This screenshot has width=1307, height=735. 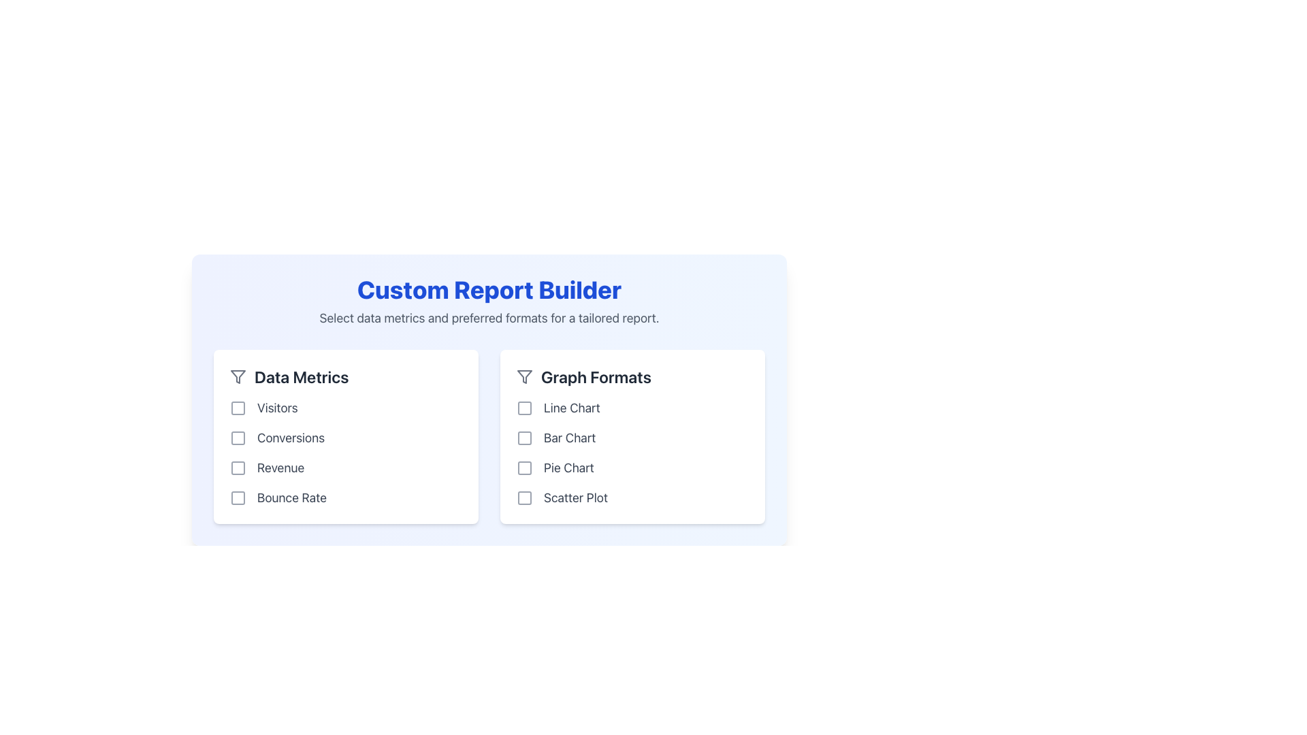 What do you see at coordinates (238, 438) in the screenshot?
I see `the second checkbox in the 'Data Metrics' section, located to the left of the 'Conversions' label` at bounding box center [238, 438].